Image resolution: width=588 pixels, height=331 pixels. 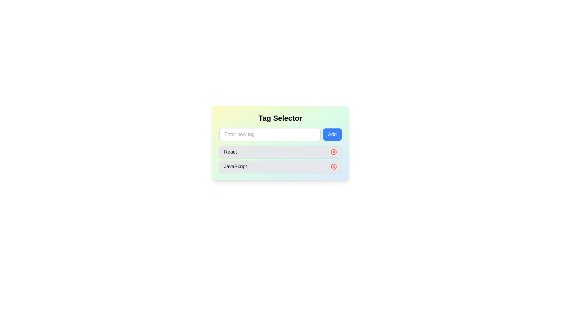 What do you see at coordinates (333, 152) in the screenshot?
I see `the circular icon button located to the right of the 'React' tag` at bounding box center [333, 152].